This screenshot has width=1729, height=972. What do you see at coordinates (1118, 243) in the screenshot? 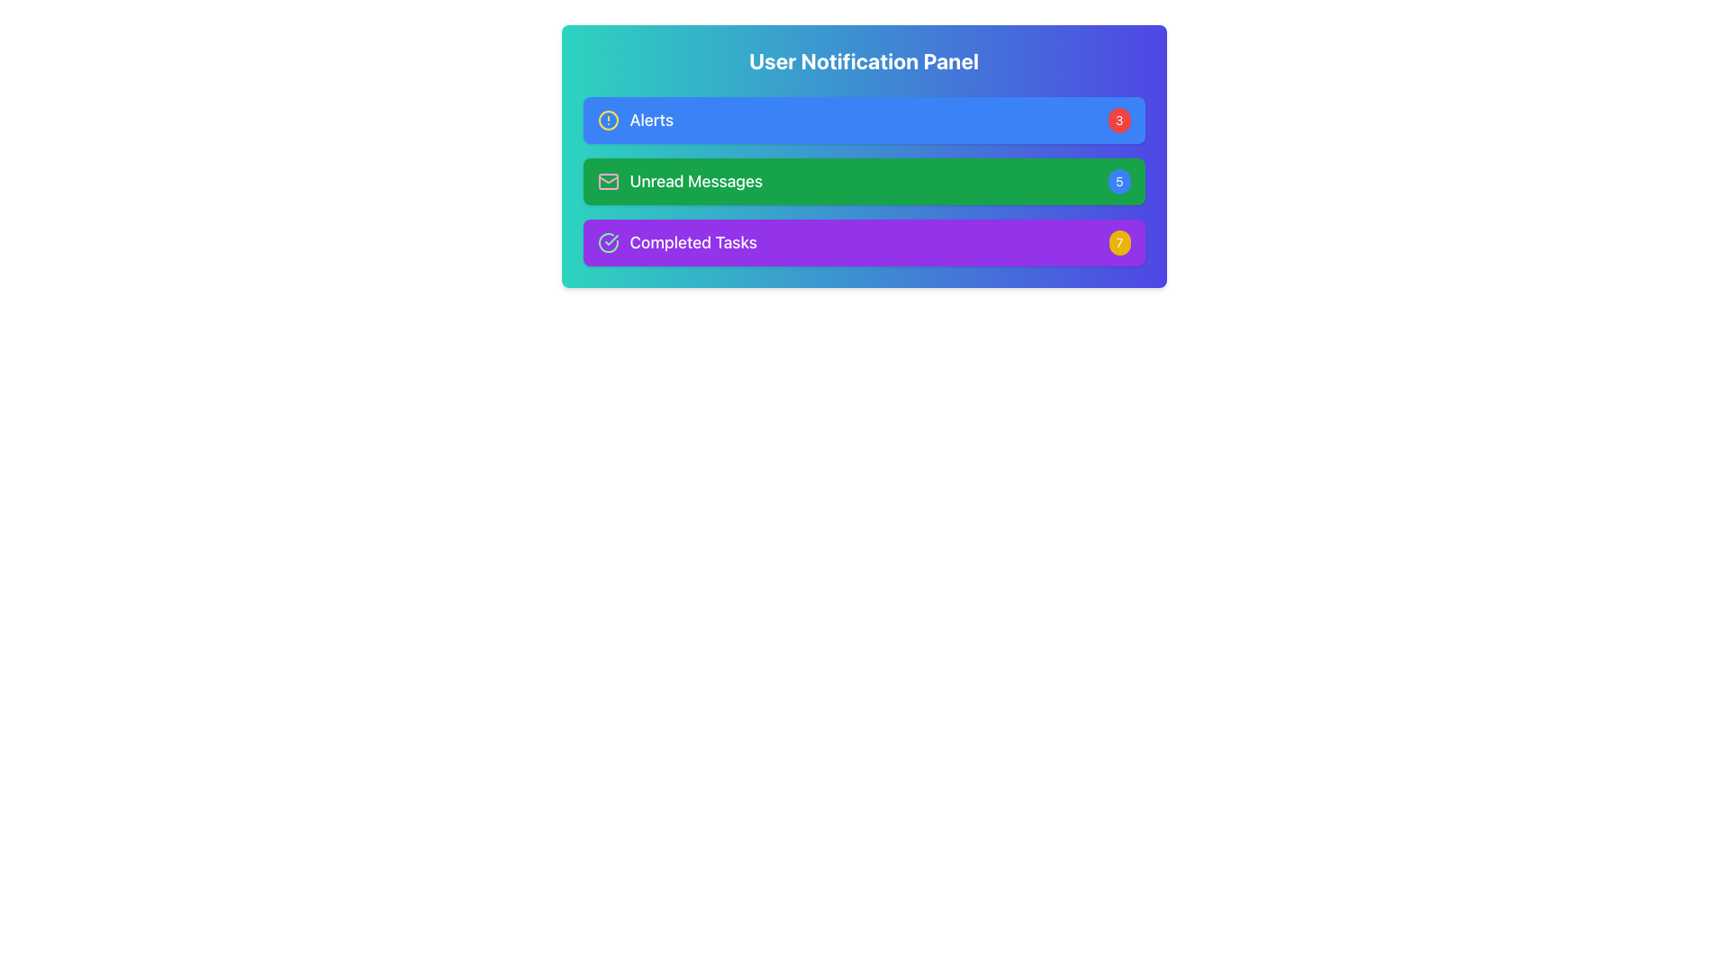
I see `the Notification Badge that indicates the count of 'Completed Tasks', located at the right end of the 'Completed Tasks' box` at bounding box center [1118, 243].